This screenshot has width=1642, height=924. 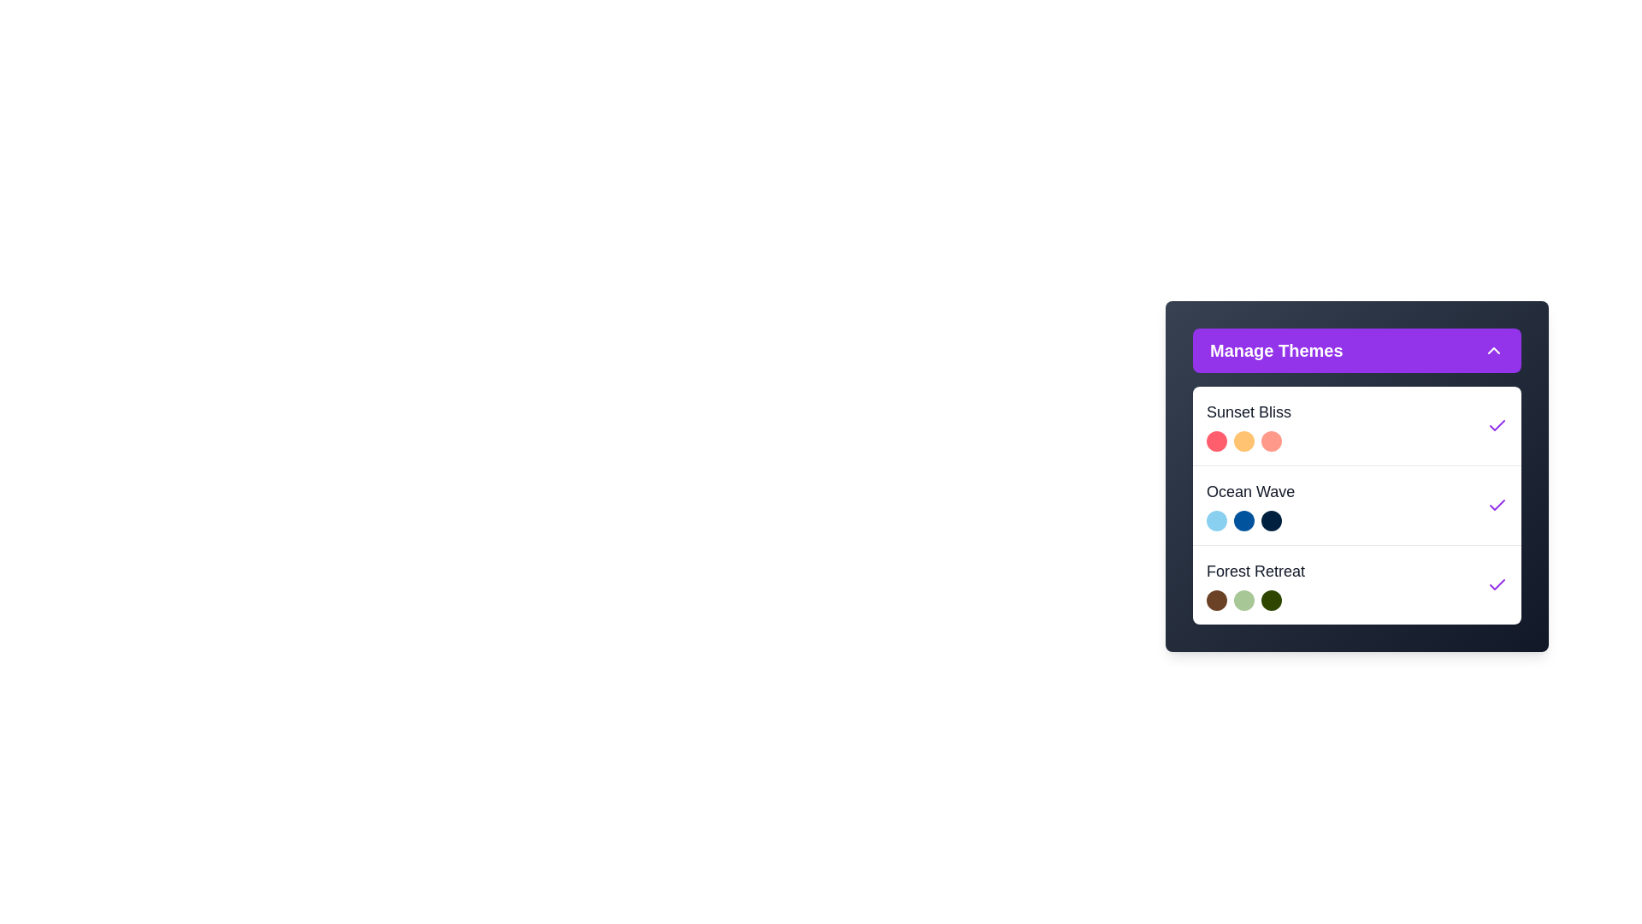 I want to click on the theme Ocean Wave by clicking its checkmark, so click(x=1497, y=504).